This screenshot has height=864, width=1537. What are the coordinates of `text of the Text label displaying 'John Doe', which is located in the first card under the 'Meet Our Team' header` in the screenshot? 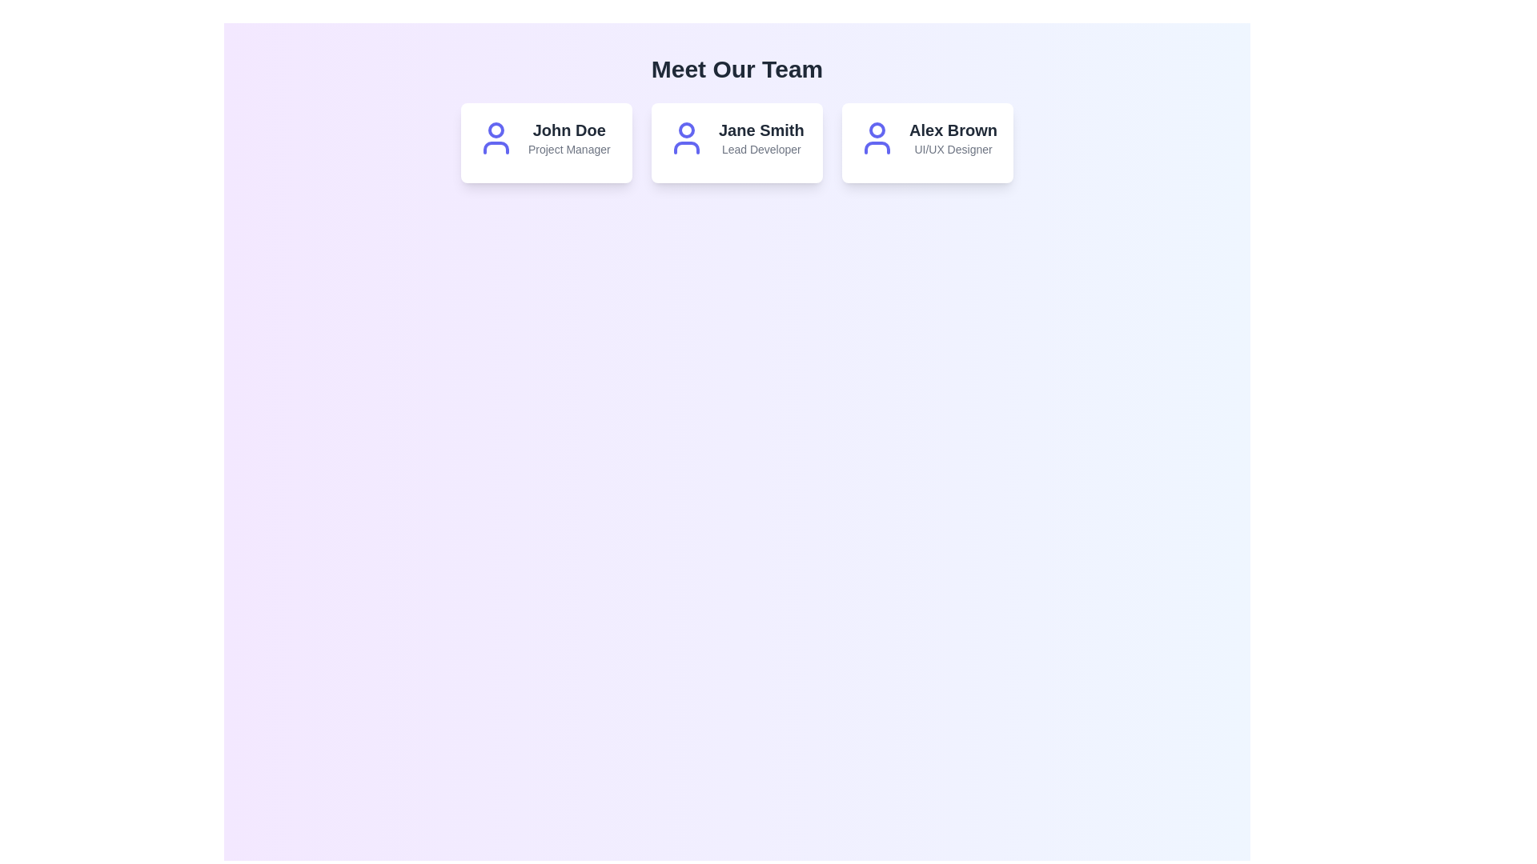 It's located at (569, 129).